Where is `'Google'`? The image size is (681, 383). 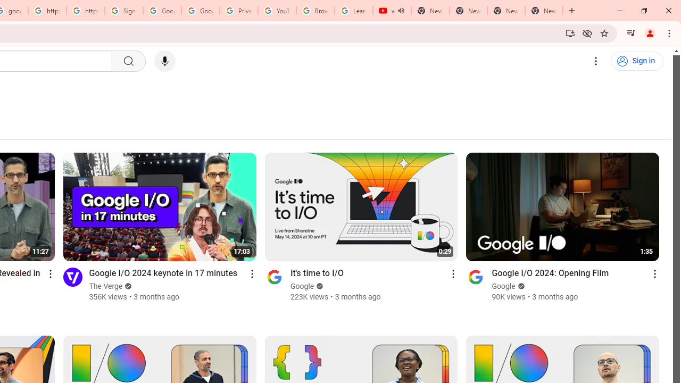 'Google' is located at coordinates (503, 286).